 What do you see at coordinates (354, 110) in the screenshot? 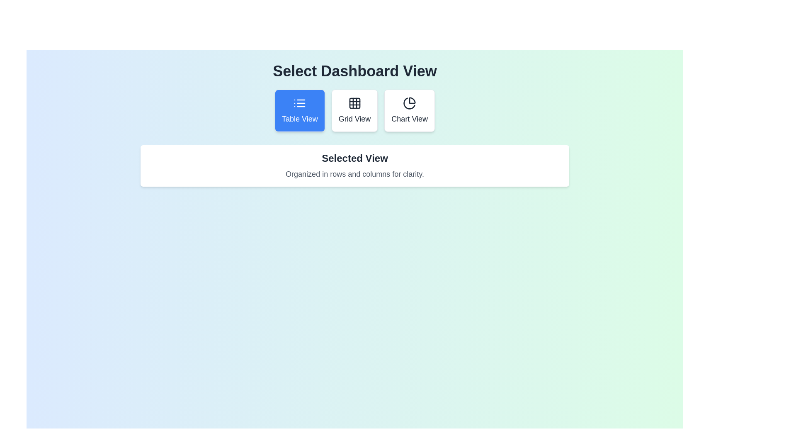
I see `the Grid View button to see its hover effect` at bounding box center [354, 110].